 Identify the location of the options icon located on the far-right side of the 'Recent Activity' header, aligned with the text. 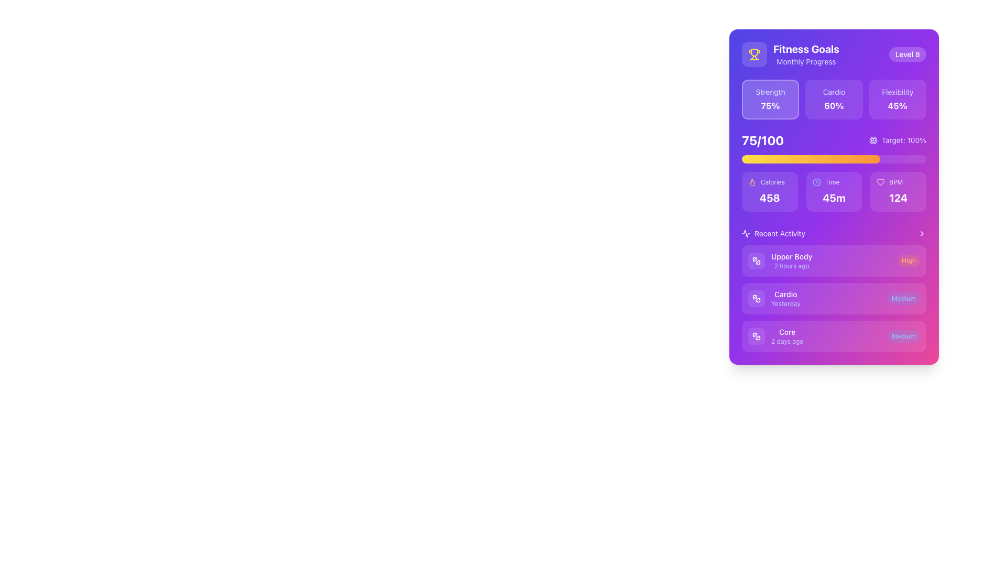
(922, 233).